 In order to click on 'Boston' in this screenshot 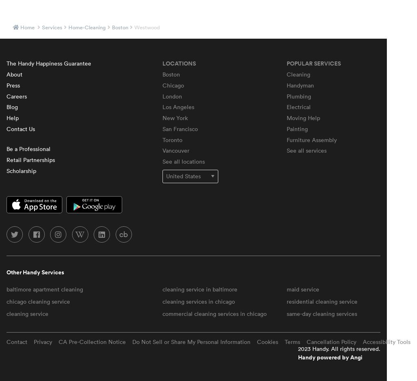, I will do `click(162, 73)`.